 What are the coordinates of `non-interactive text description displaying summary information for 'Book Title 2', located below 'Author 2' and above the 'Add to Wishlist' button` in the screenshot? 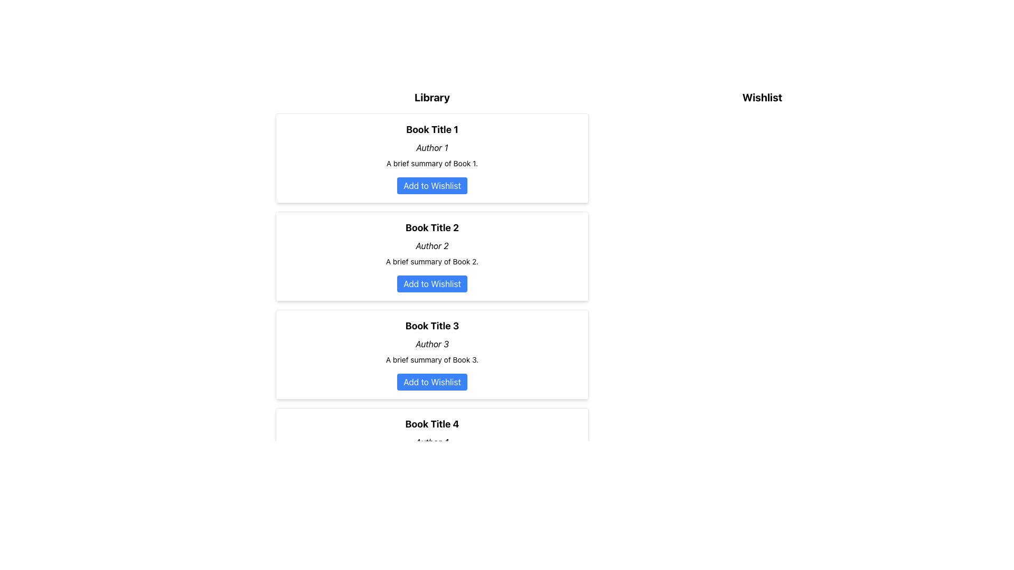 It's located at (432, 261).